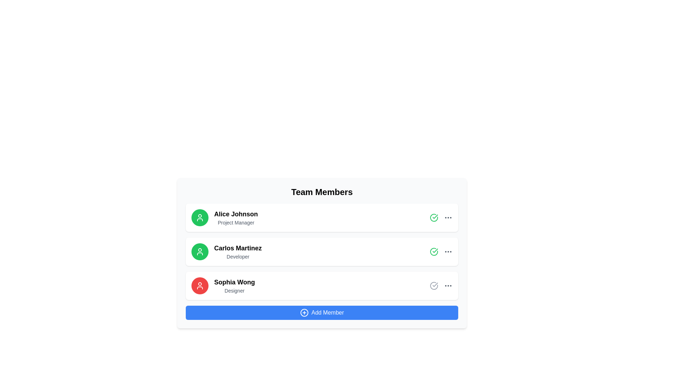 Image resolution: width=682 pixels, height=383 pixels. I want to click on the circular green icon with a user silhouette representing 'Alice Johnson, Project Manager' located at the top-left corner of her card, so click(199, 217).